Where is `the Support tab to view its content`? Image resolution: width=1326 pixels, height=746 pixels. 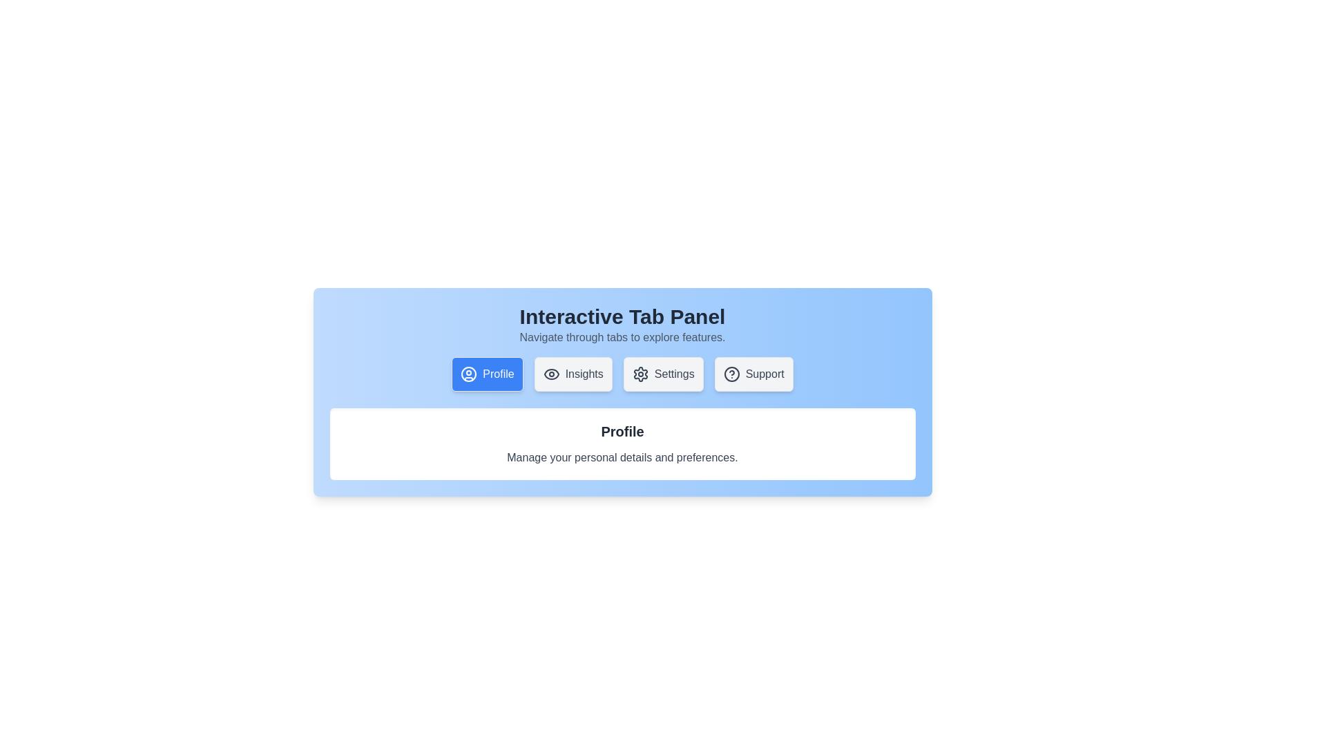
the Support tab to view its content is located at coordinates (753, 374).